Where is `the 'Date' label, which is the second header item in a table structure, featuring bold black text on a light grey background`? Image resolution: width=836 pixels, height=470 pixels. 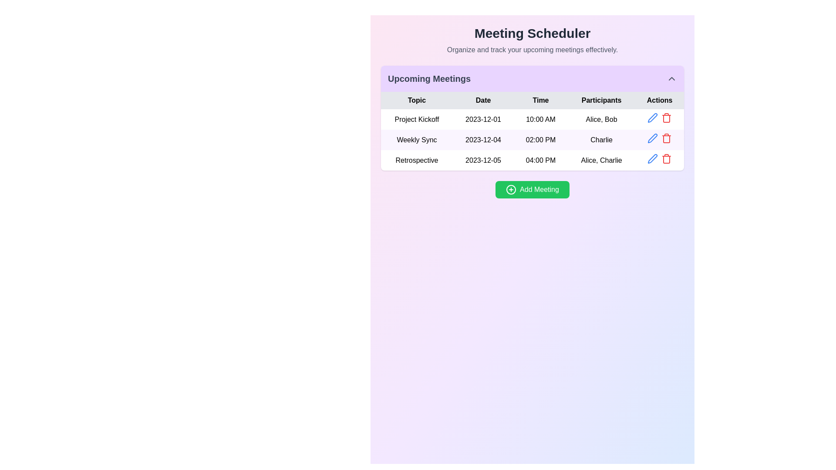
the 'Date' label, which is the second header item in a table structure, featuring bold black text on a light grey background is located at coordinates (482, 100).